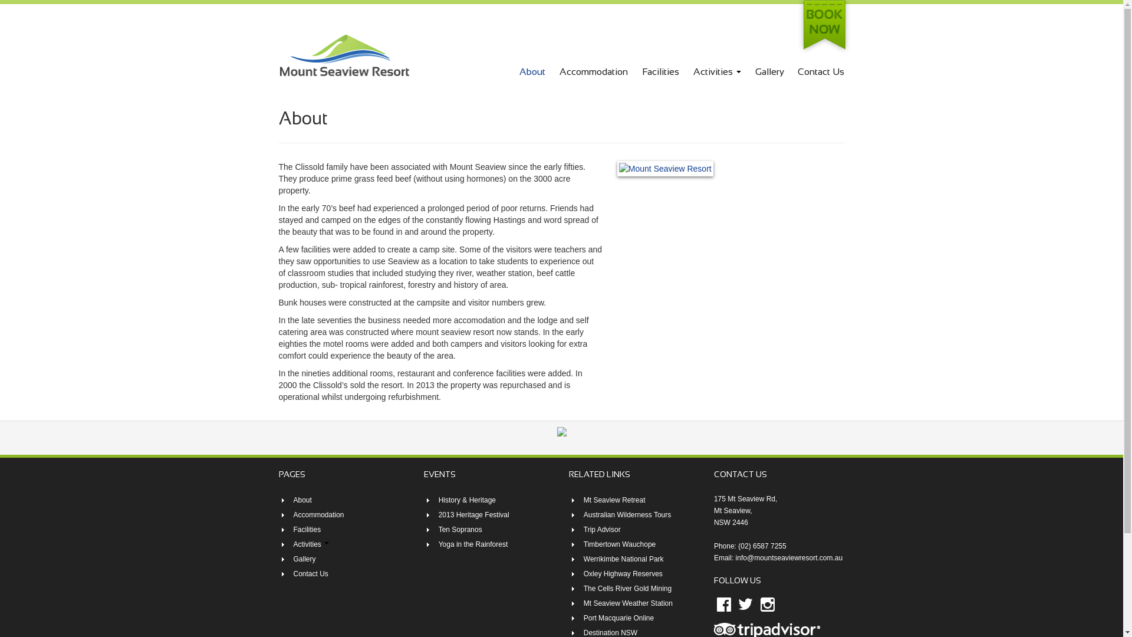 Image resolution: width=1132 pixels, height=637 pixels. I want to click on 'Mt Seaview Weather Station', so click(627, 603).